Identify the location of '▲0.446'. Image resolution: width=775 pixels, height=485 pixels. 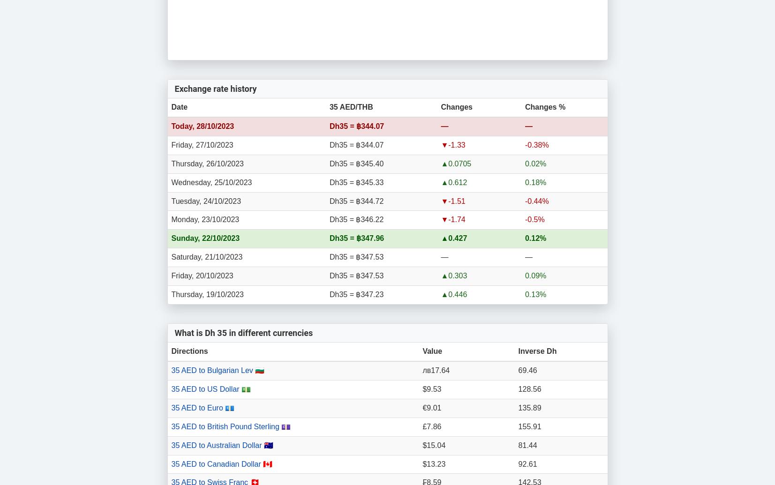
(453, 293).